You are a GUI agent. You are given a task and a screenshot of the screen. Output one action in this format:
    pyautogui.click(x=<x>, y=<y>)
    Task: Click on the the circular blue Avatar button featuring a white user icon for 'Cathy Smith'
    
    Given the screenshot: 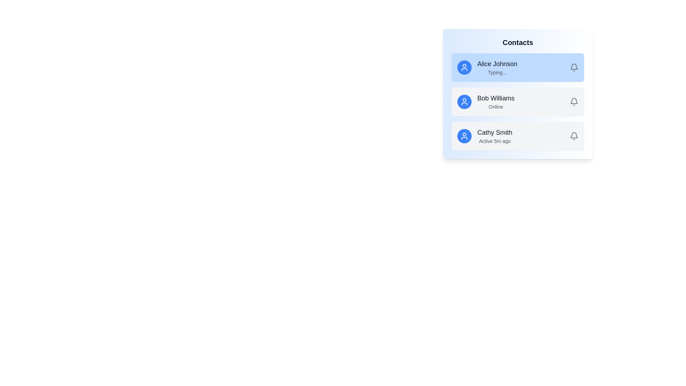 What is the action you would take?
    pyautogui.click(x=464, y=136)
    